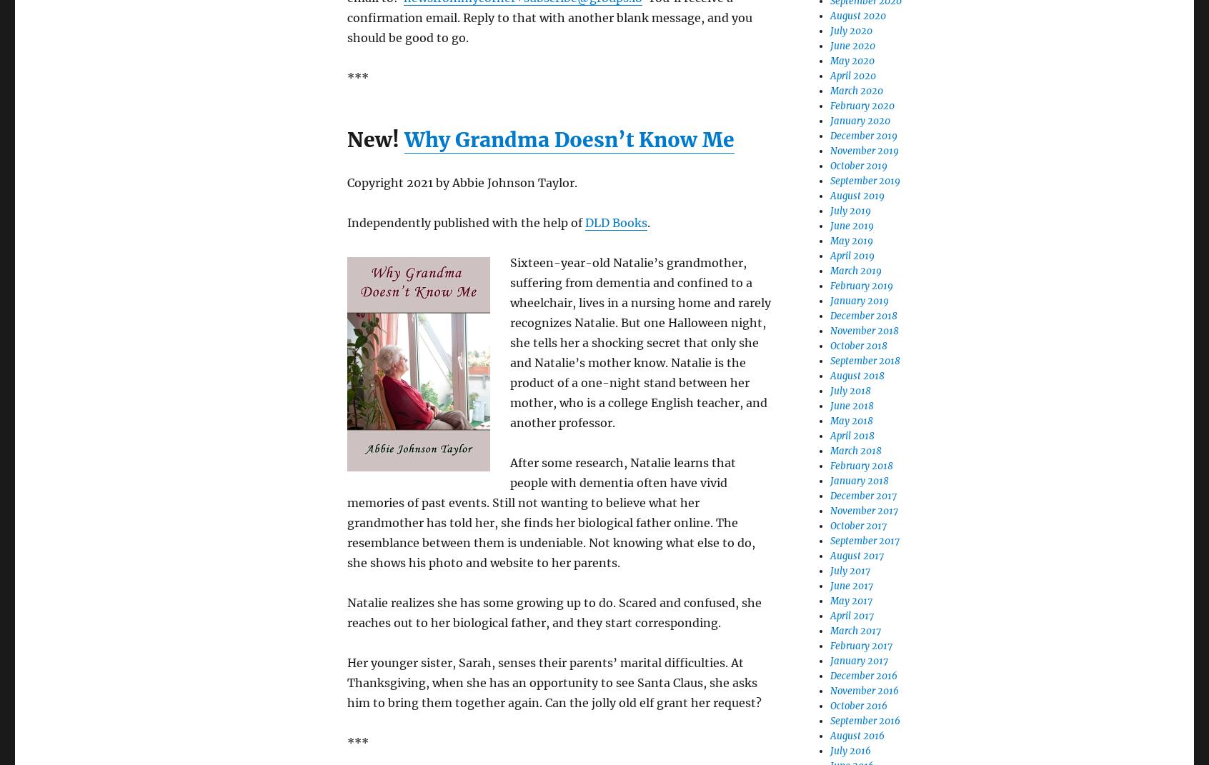  Describe the element at coordinates (550, 512) in the screenshot. I see `'After some research, Natalie learns that people with dementia often have vivid memories of past events. Still not wanting to believe what her grandmother has told her, she finds her biological father online. The resemblance between them is undeniable. Not knowing what else to do, she shows his photo and website to her parents.'` at that location.